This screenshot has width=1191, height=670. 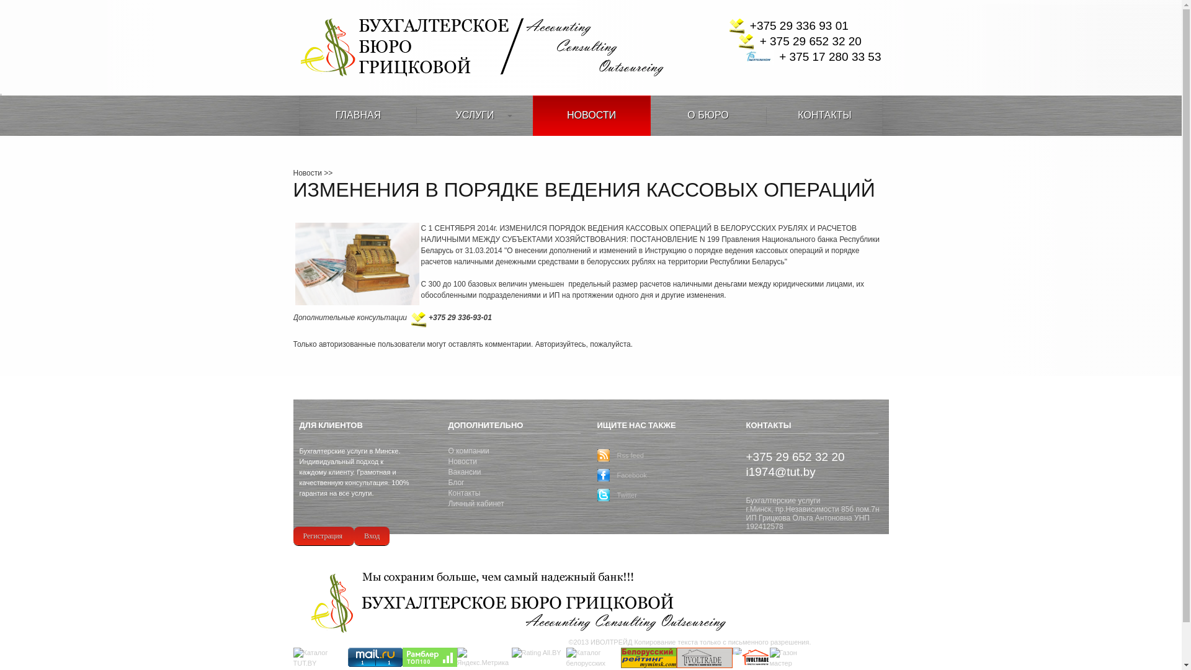 What do you see at coordinates (779, 470) in the screenshot?
I see `'i1974@tut.by'` at bounding box center [779, 470].